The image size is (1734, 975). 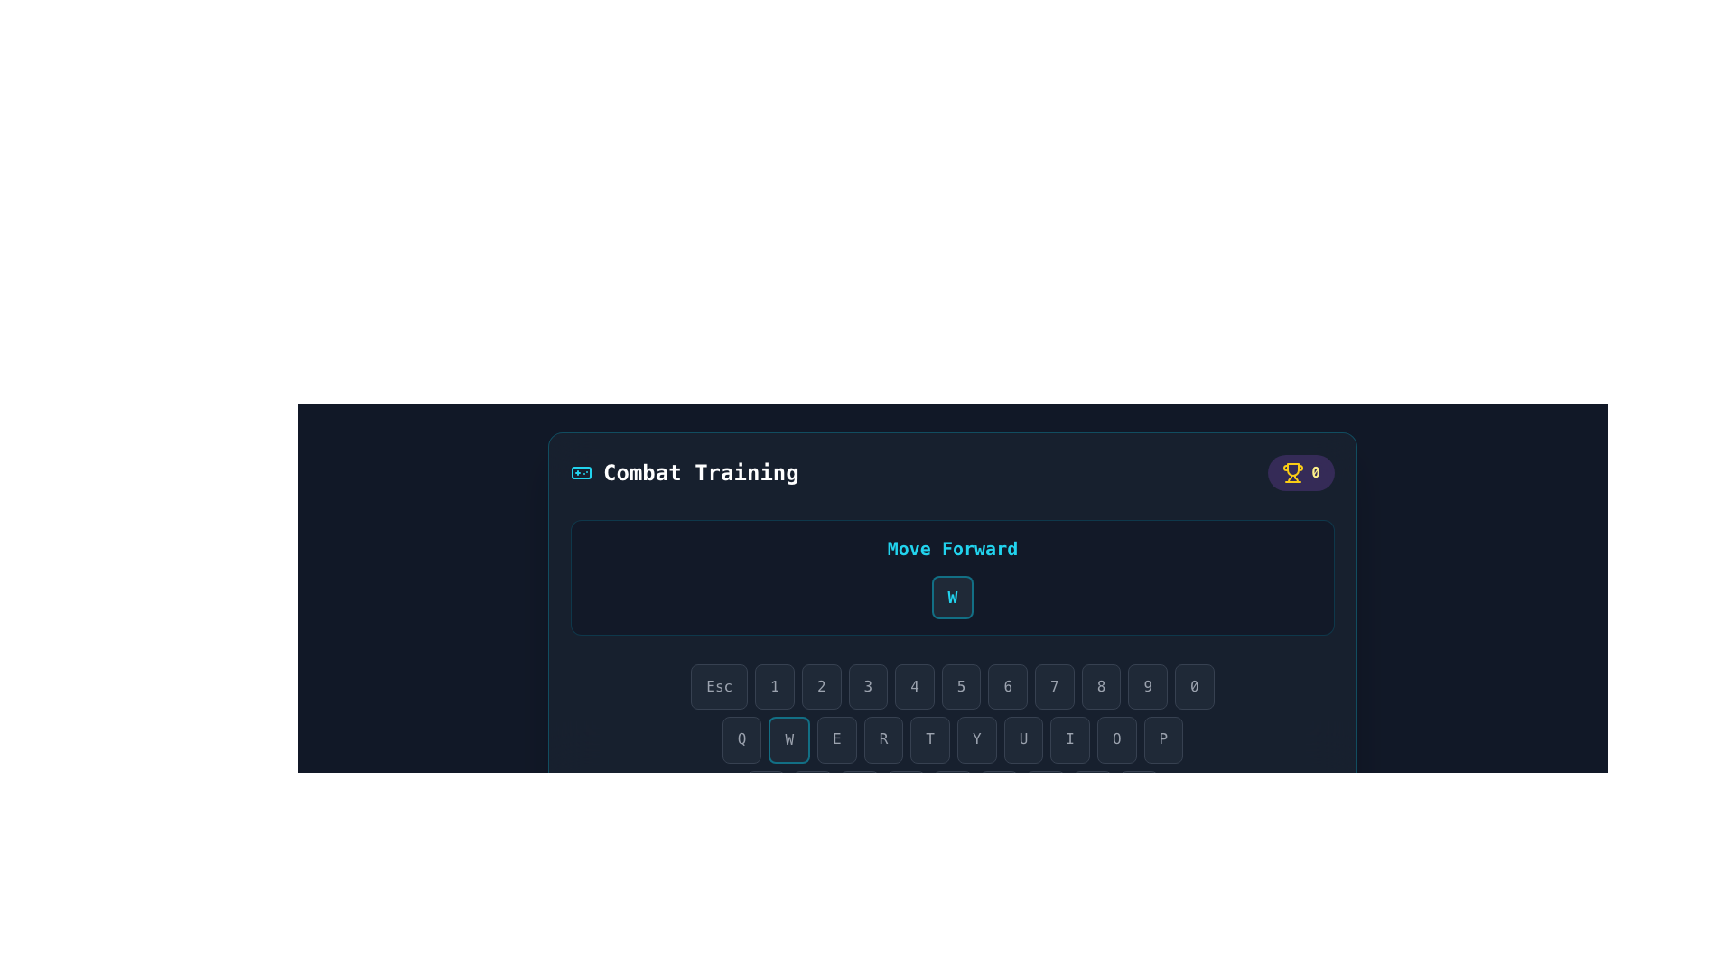 What do you see at coordinates (975, 740) in the screenshot?
I see `the key-shaped button with a dark gray background and a white uppercase 'Y' centered on it, which is positioned between the 'T' and 'U' keys` at bounding box center [975, 740].